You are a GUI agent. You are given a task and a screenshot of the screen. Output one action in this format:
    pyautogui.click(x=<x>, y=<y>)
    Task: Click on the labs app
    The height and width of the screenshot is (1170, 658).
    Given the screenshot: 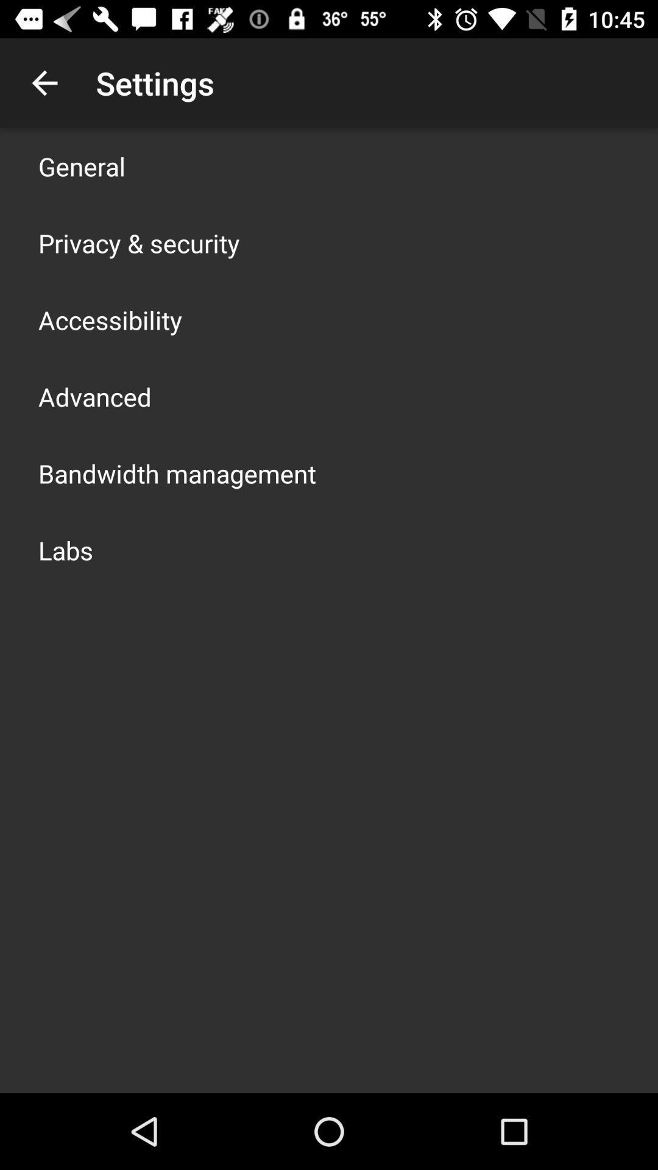 What is the action you would take?
    pyautogui.click(x=66, y=549)
    